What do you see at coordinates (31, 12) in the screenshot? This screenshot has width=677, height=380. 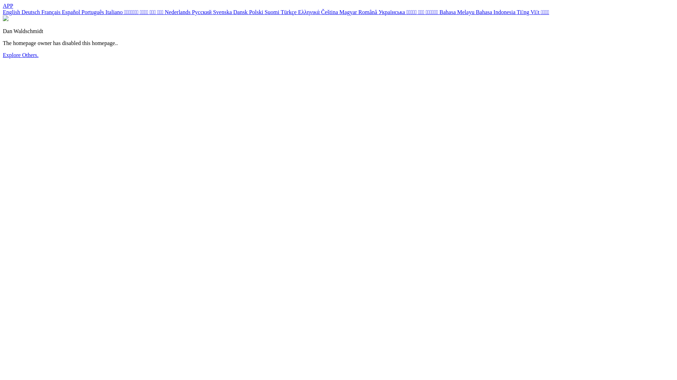 I see `'Deutsch'` at bounding box center [31, 12].